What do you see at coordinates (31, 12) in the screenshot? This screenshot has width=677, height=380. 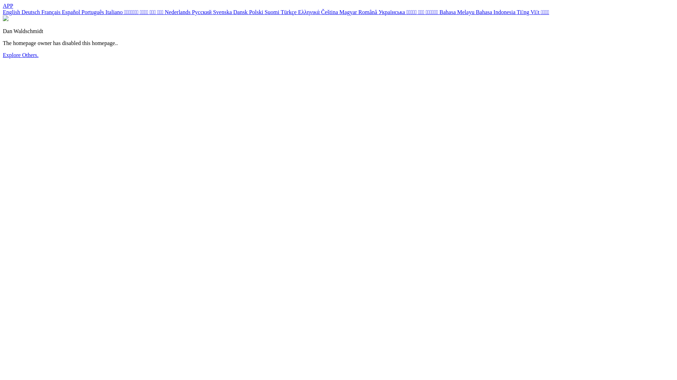 I see `'Deutsch'` at bounding box center [31, 12].